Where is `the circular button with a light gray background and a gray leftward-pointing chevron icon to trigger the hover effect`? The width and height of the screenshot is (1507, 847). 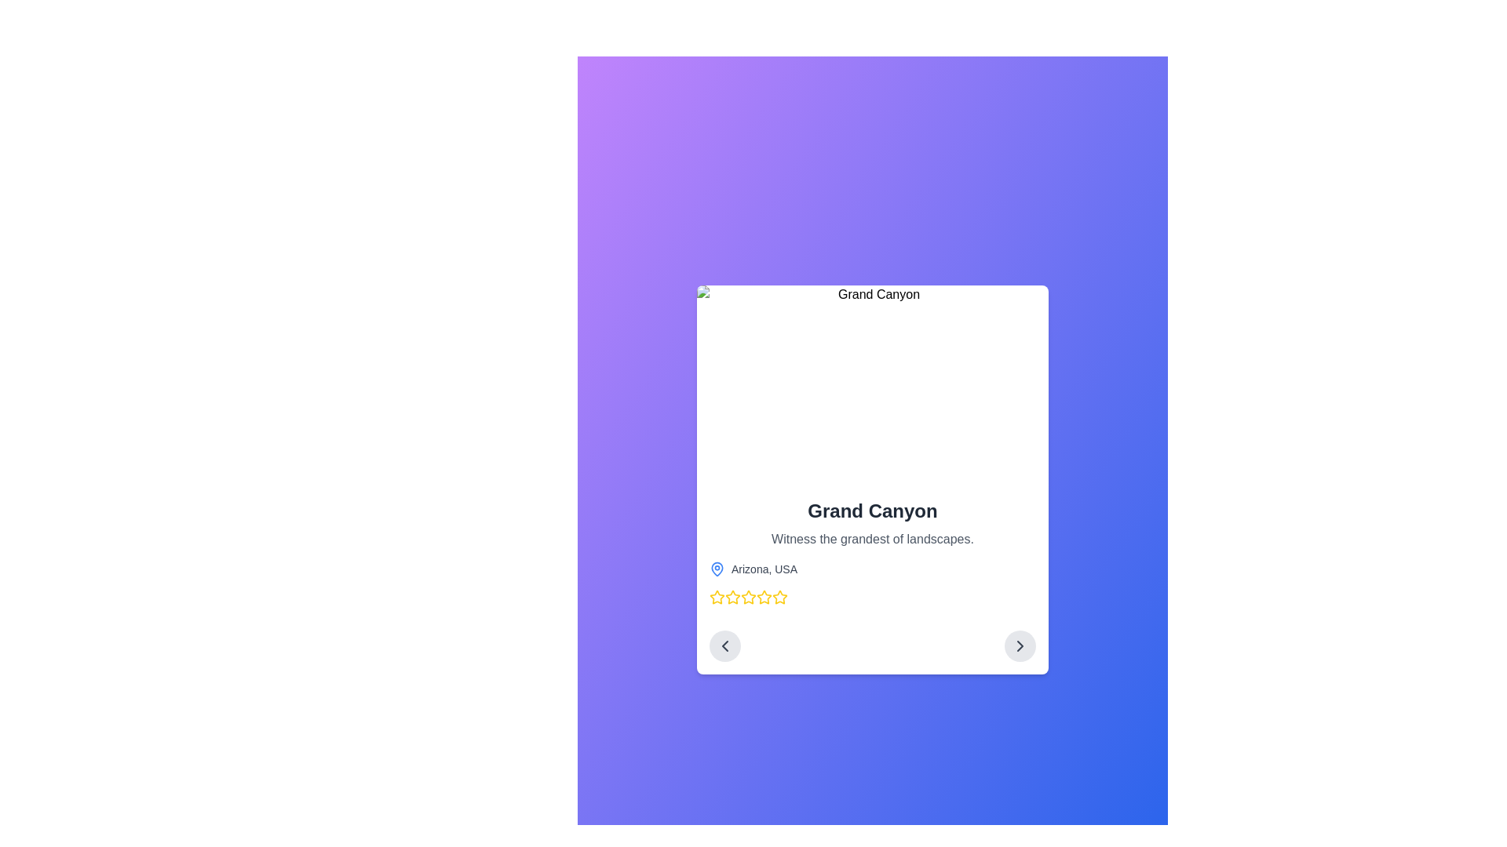 the circular button with a light gray background and a gray leftward-pointing chevron icon to trigger the hover effect is located at coordinates (724, 646).